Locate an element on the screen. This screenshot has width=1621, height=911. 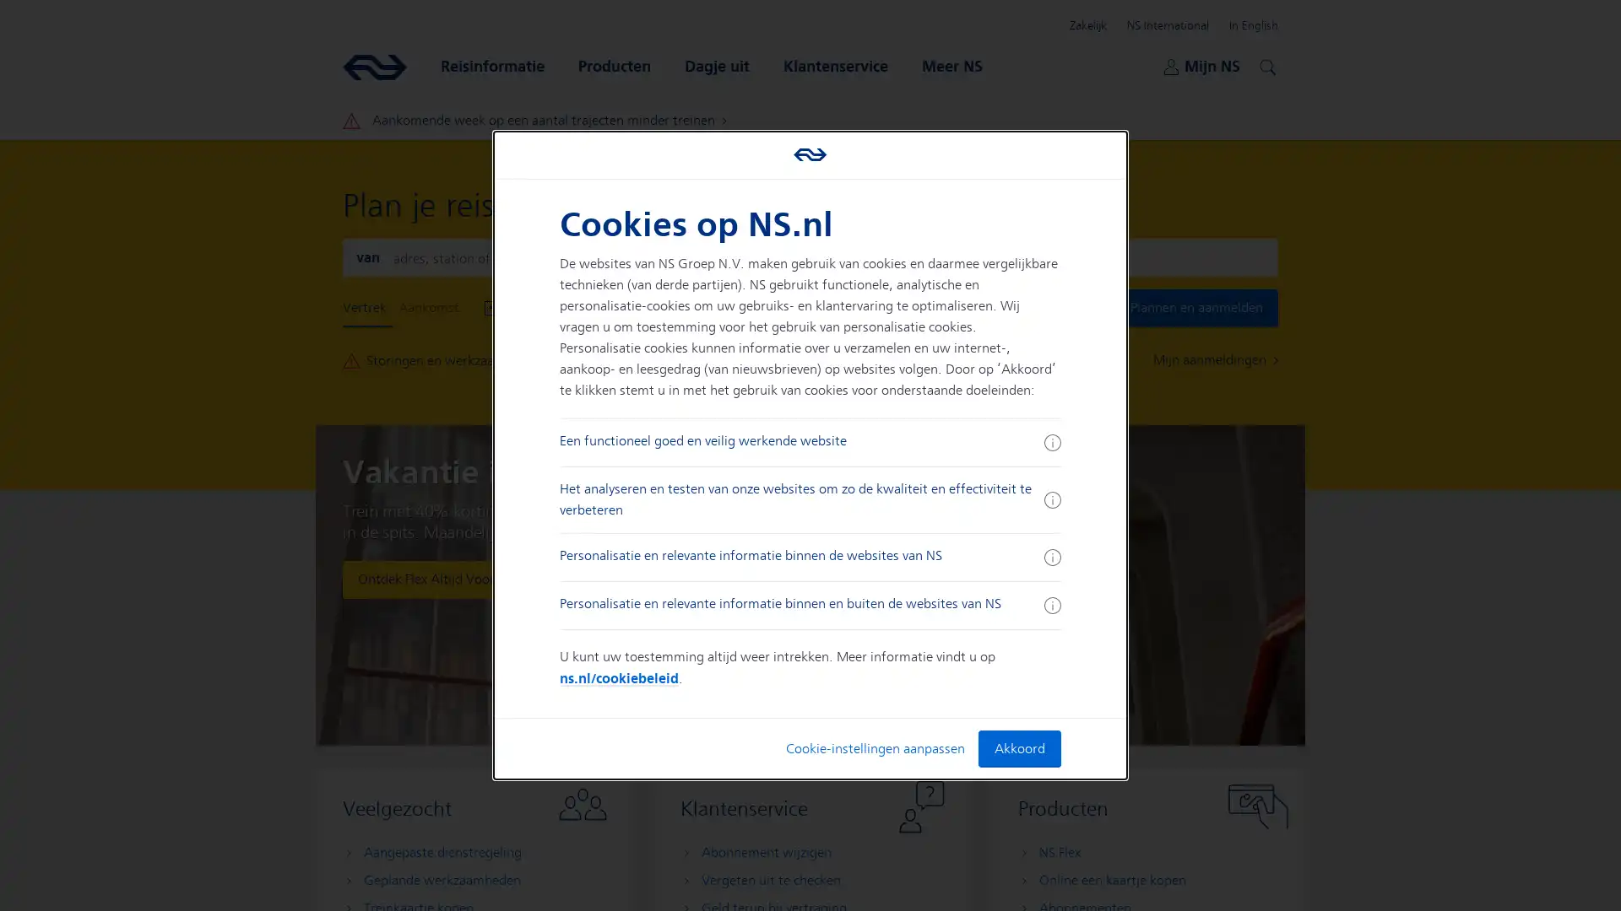
Cookie-instellingen aanpassen is located at coordinates (875, 747).